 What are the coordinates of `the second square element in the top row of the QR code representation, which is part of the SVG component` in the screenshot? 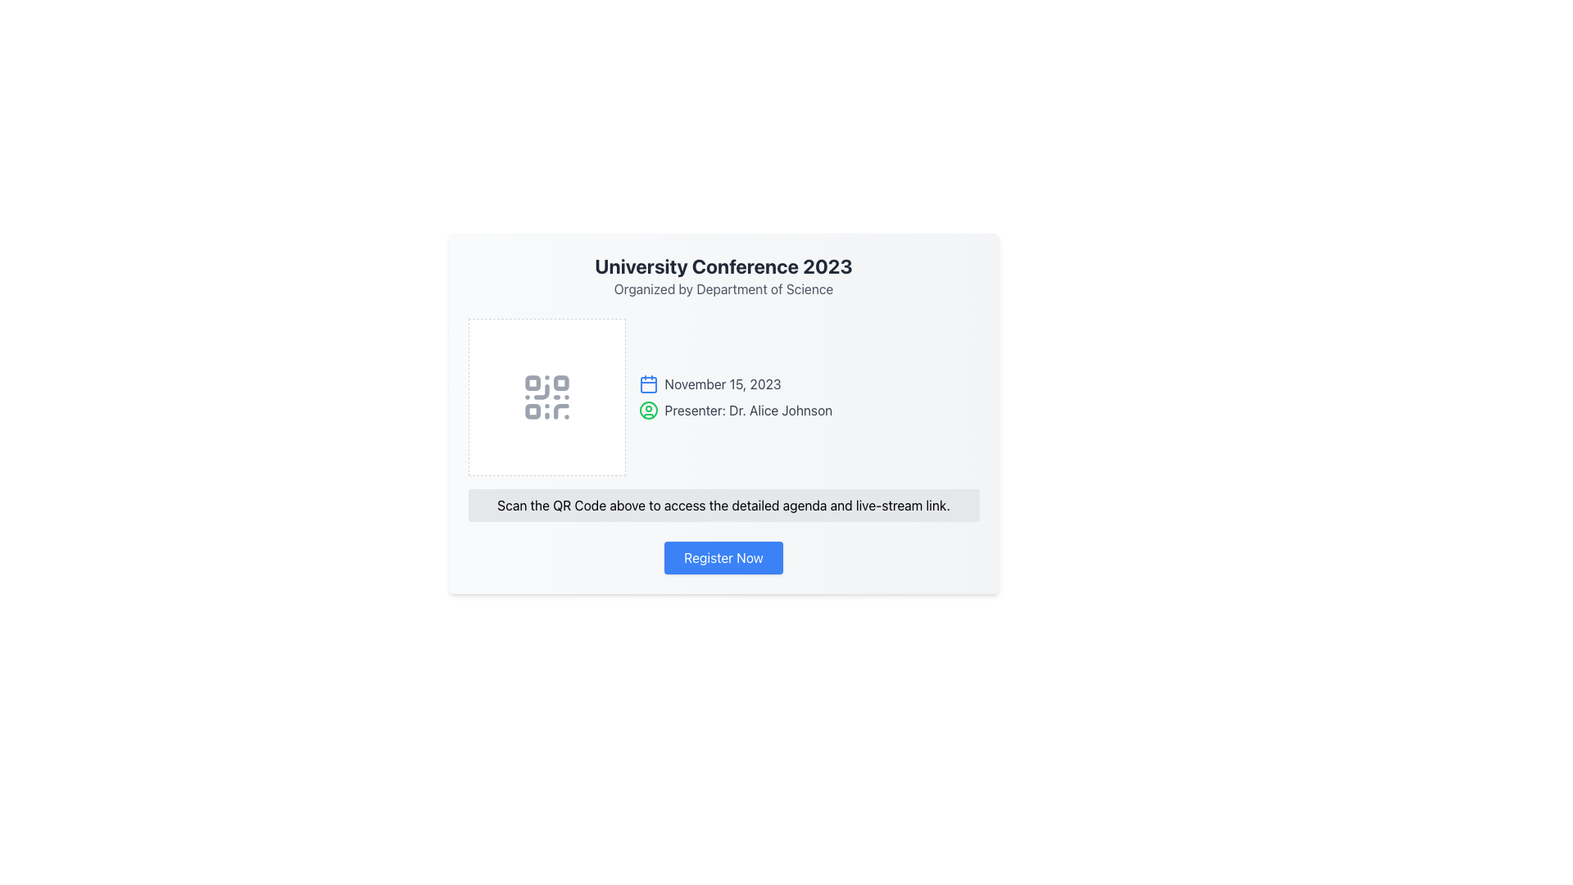 It's located at (560, 383).